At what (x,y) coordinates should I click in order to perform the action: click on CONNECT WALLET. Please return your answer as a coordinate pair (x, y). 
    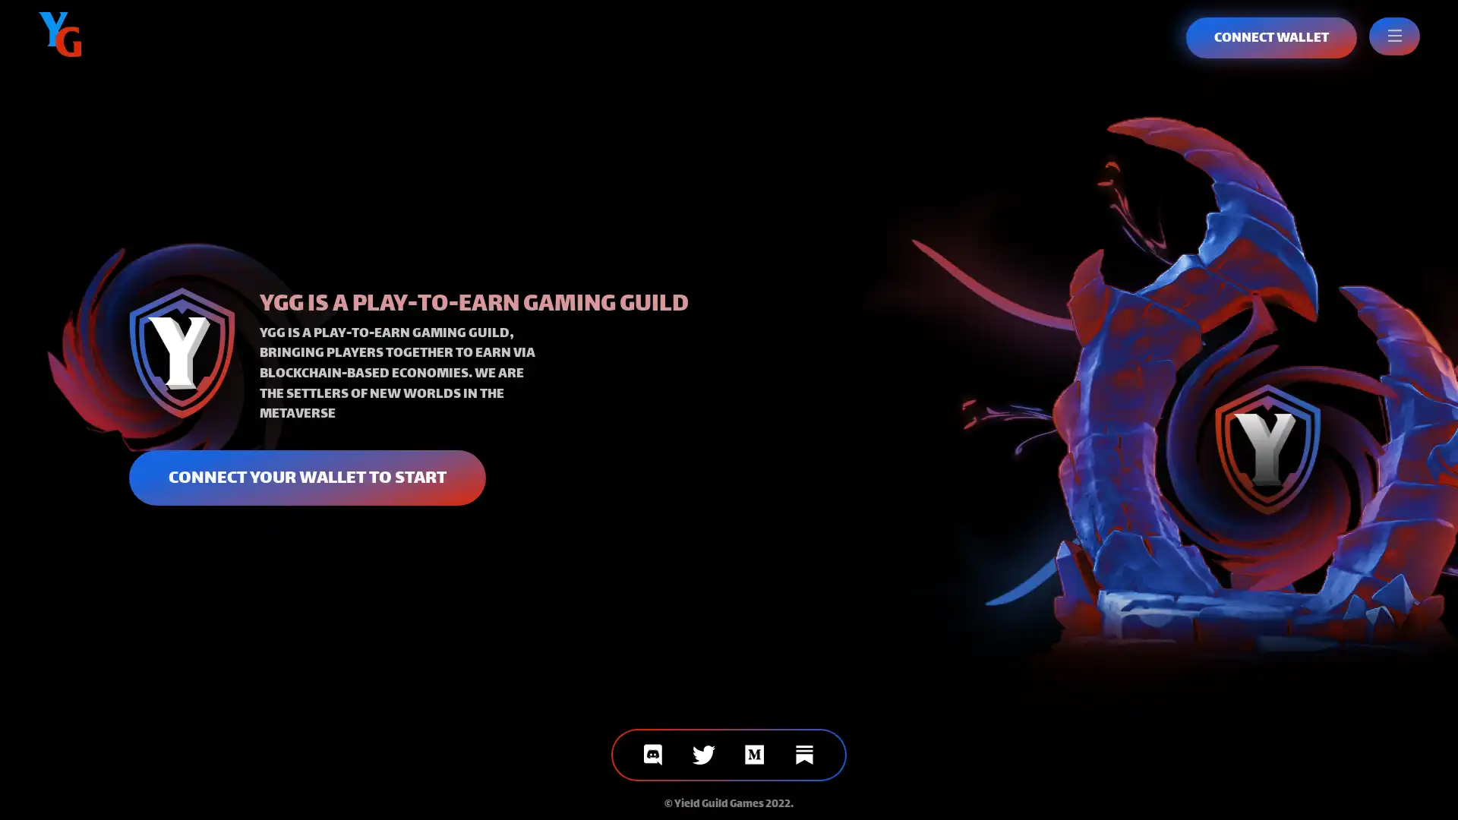
    Looking at the image, I should click on (1271, 37).